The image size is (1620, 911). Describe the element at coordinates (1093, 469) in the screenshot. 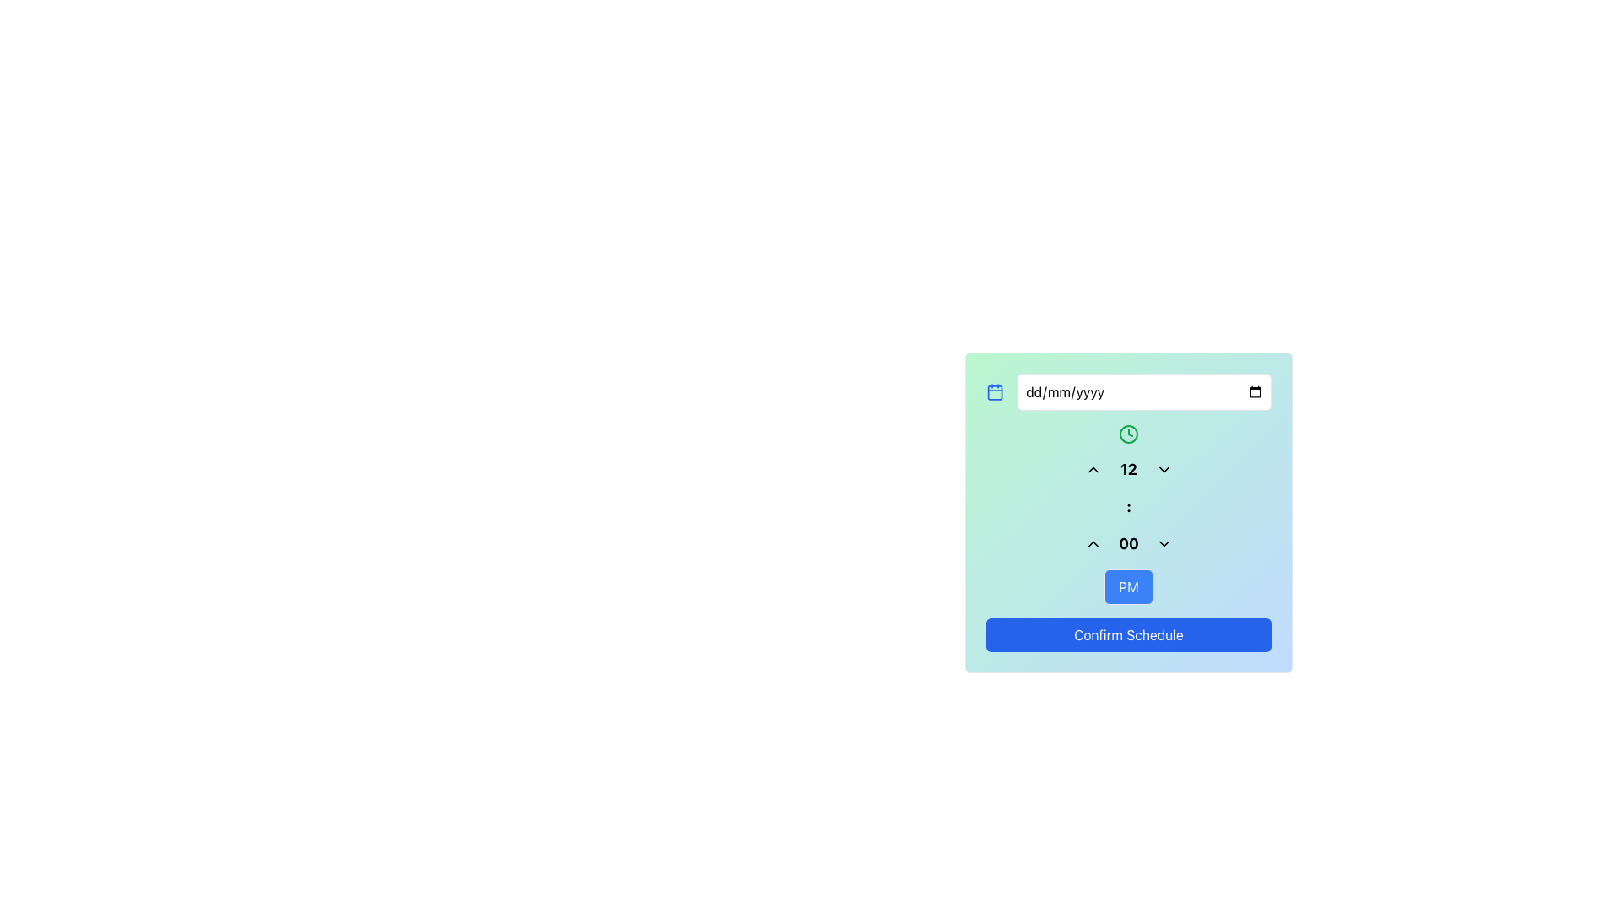

I see `the black chevron-shaped upward arrow button` at that location.